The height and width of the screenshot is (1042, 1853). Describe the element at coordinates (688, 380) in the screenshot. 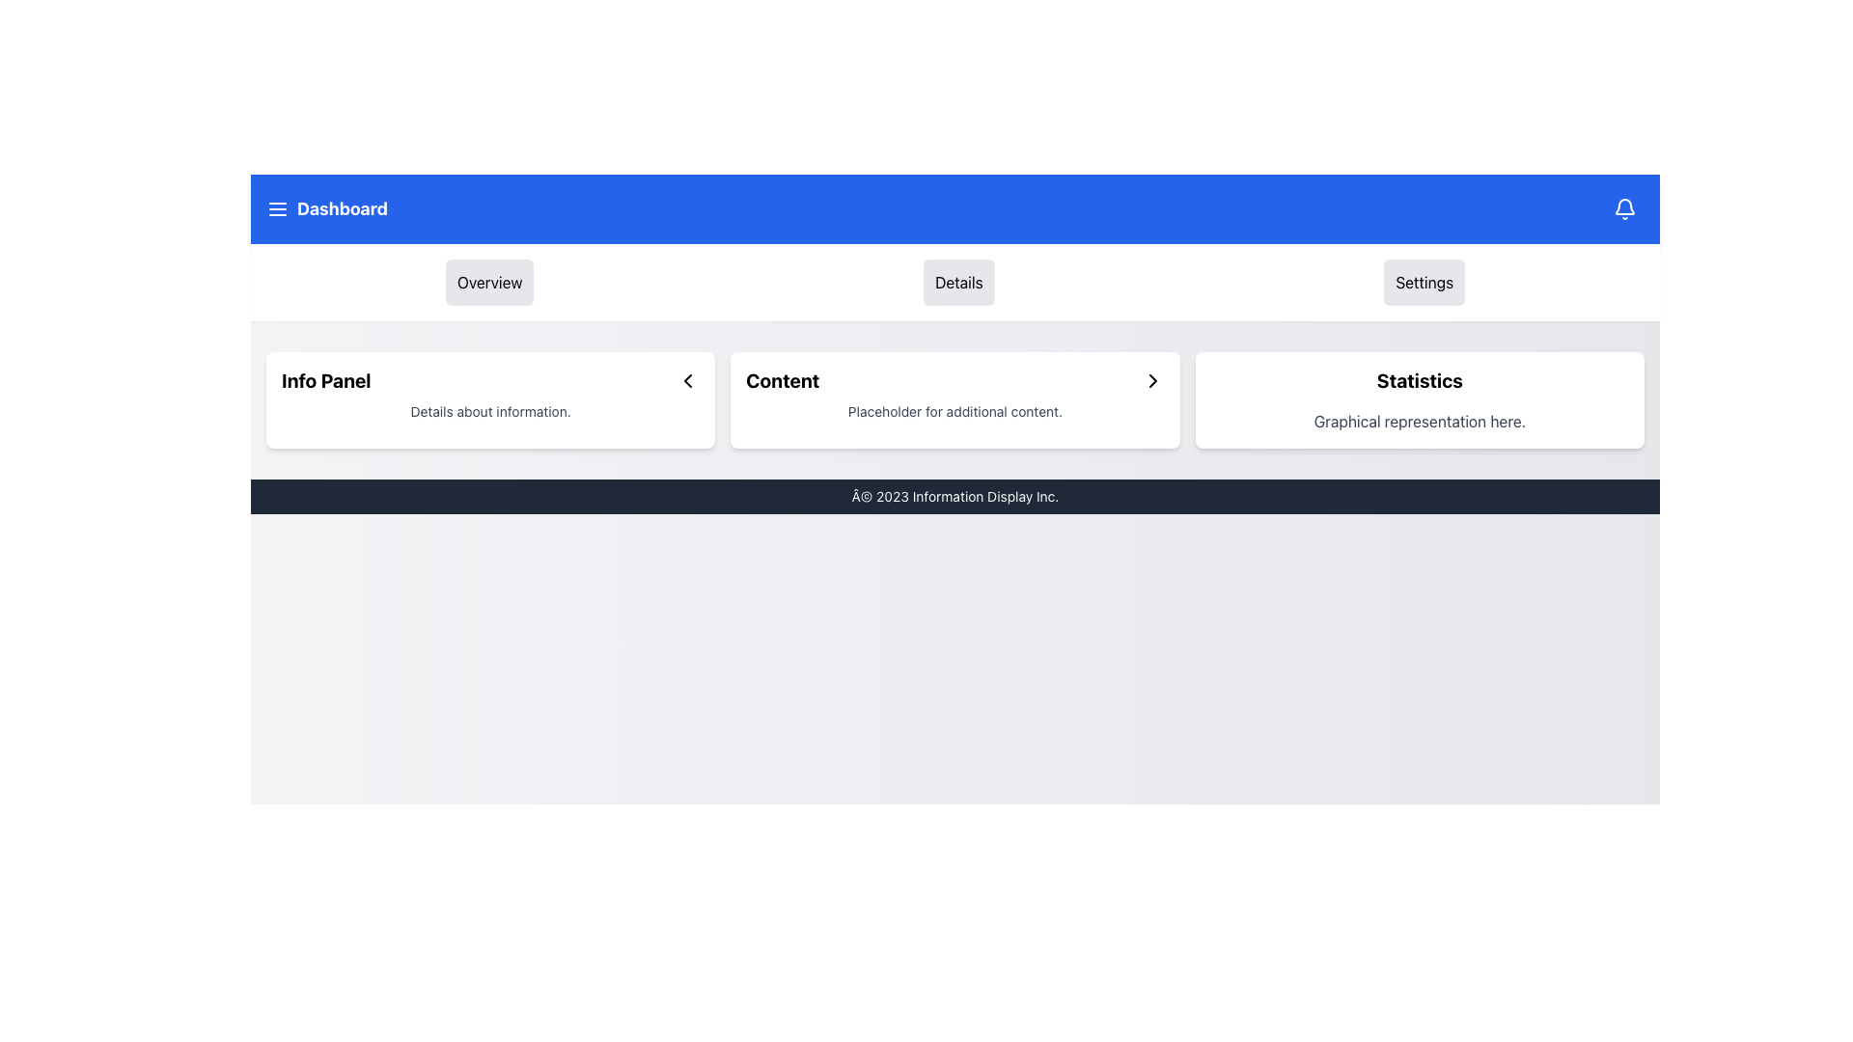

I see `the triangular arrow shape pointing left within the SVG graphic, which is part of a left-pointing chevron icon located in the top row, to the far left of the 'Info Panel'` at that location.